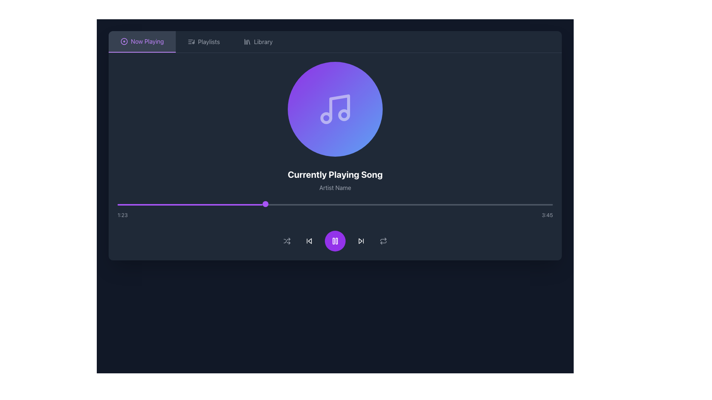  Describe the element at coordinates (200, 204) in the screenshot. I see `the playback position` at that location.